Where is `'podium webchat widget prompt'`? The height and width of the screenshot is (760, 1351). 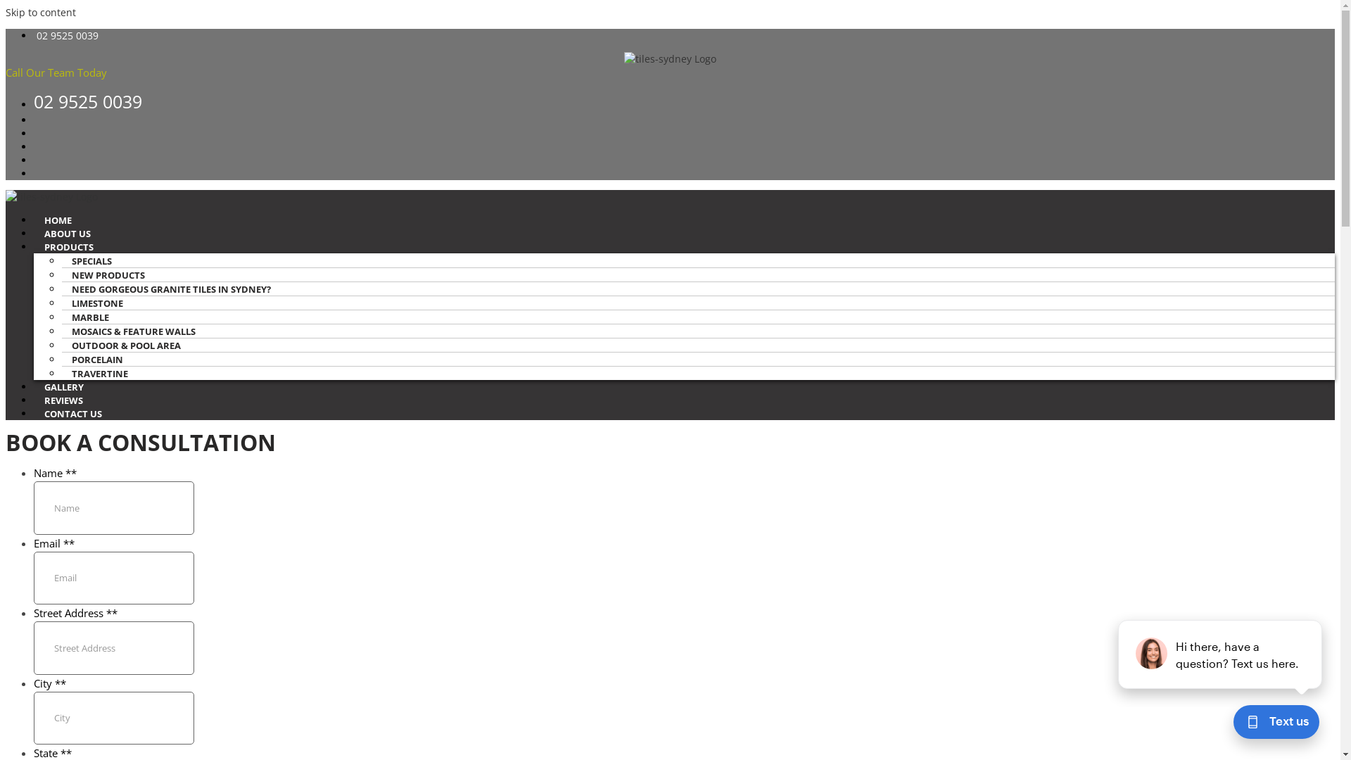 'podium webchat widget prompt' is located at coordinates (1219, 654).